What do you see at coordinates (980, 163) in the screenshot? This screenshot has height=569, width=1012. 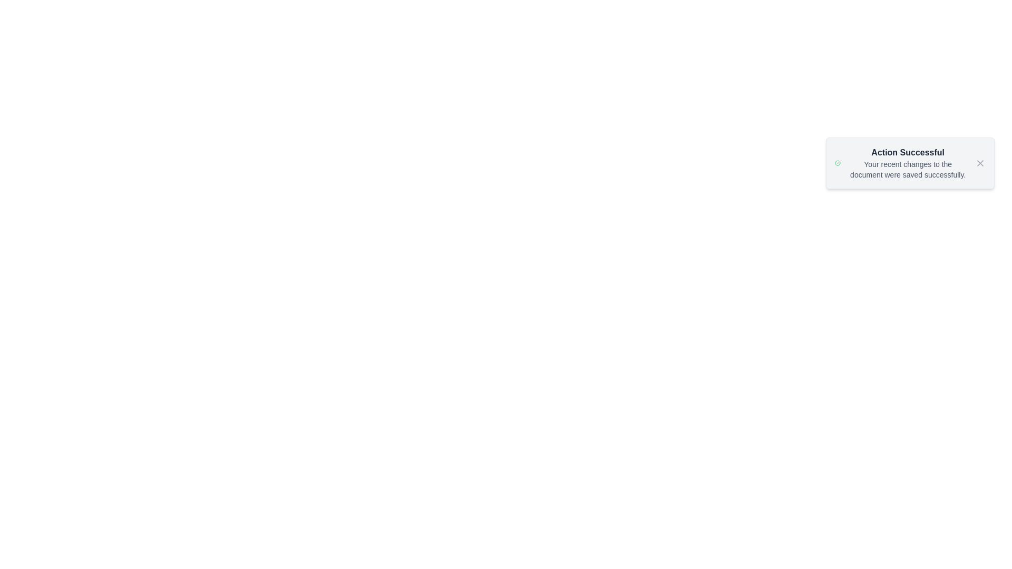 I see `the close button of the alert widget to dismiss the alert` at bounding box center [980, 163].